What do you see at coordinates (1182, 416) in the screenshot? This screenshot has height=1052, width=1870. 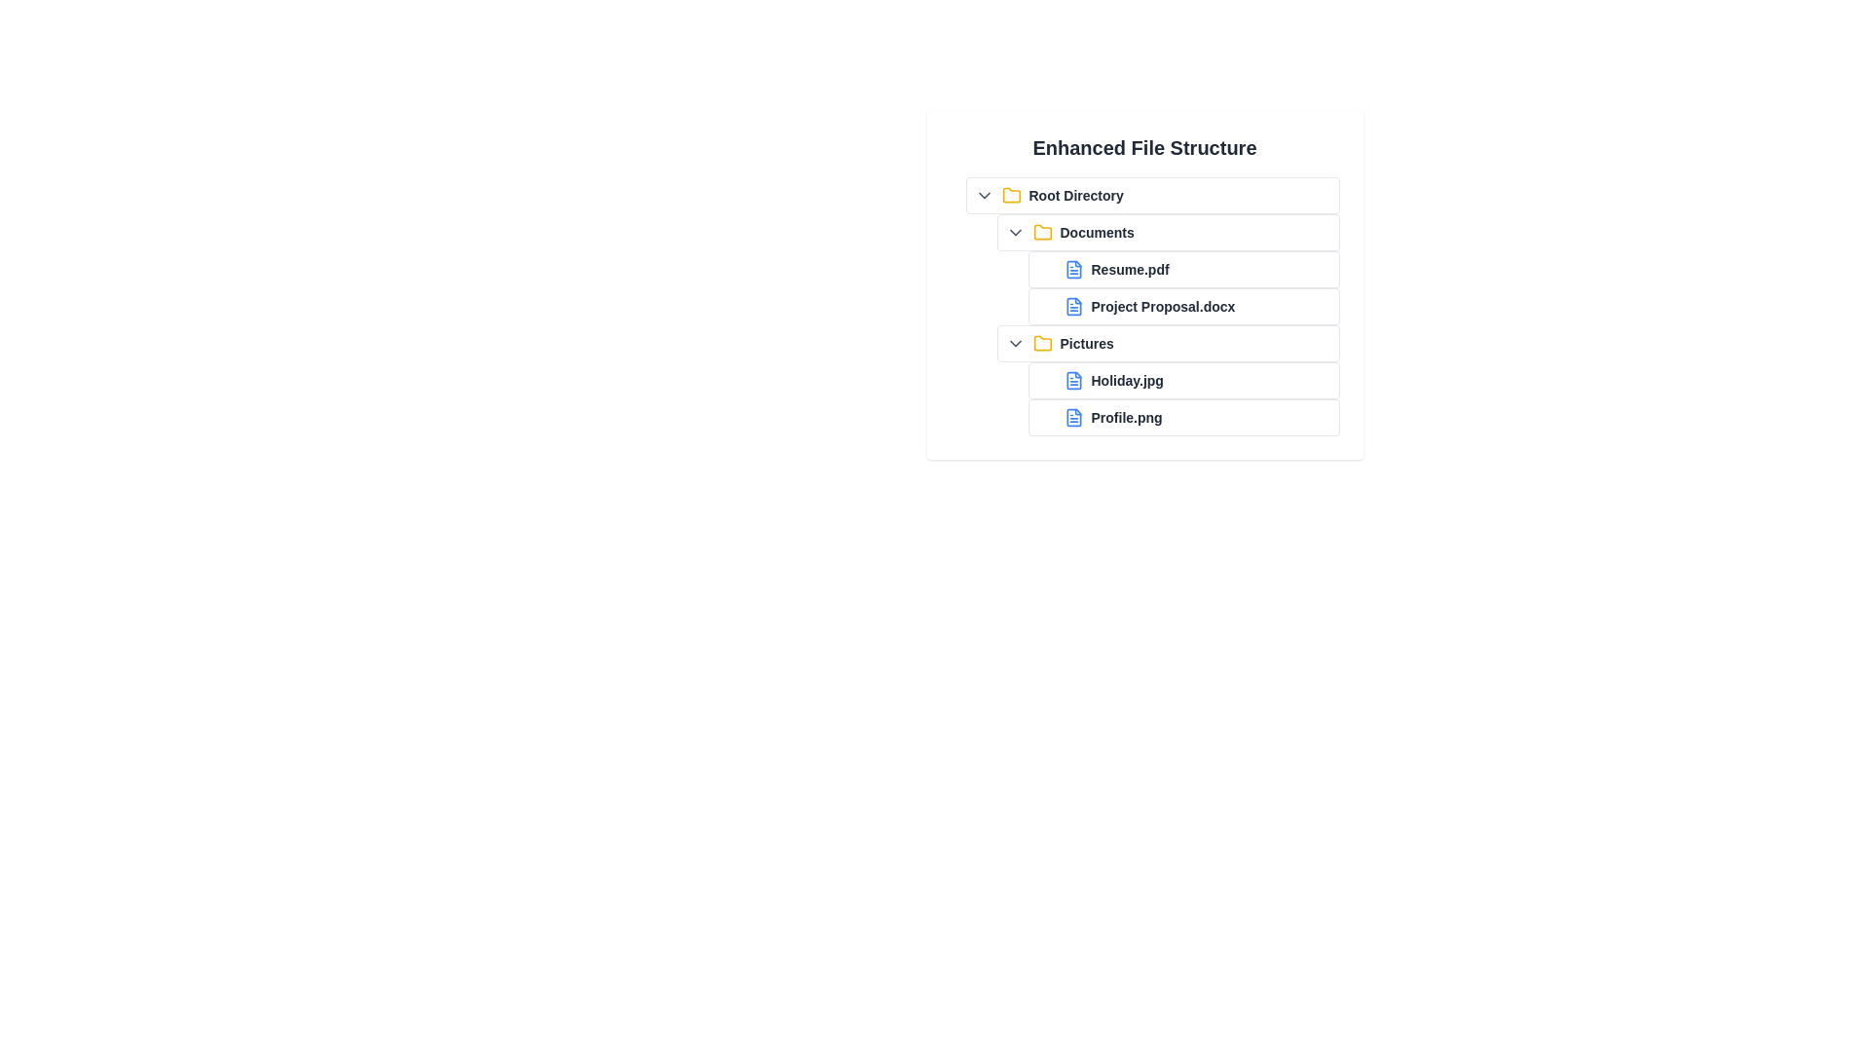 I see `to select the file entry named 'Profile.png' located under the 'Pictures' folder` at bounding box center [1182, 416].